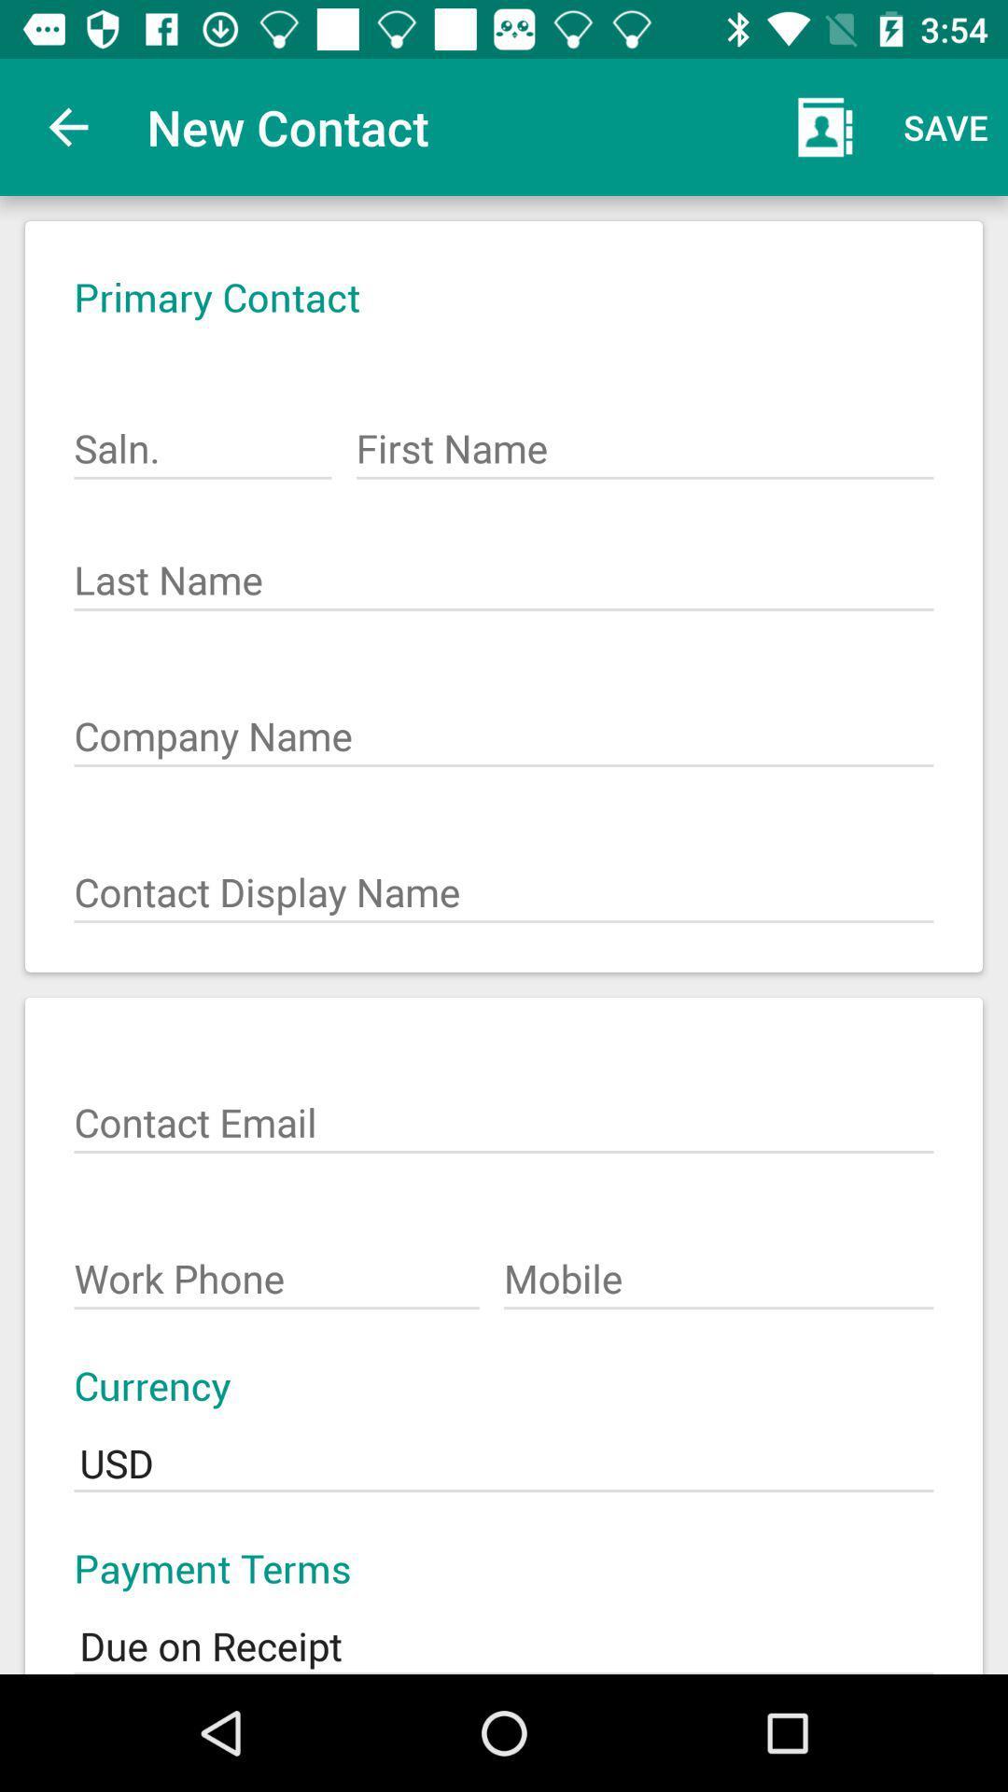 This screenshot has width=1008, height=1792. I want to click on work phone, so click(277, 1268).